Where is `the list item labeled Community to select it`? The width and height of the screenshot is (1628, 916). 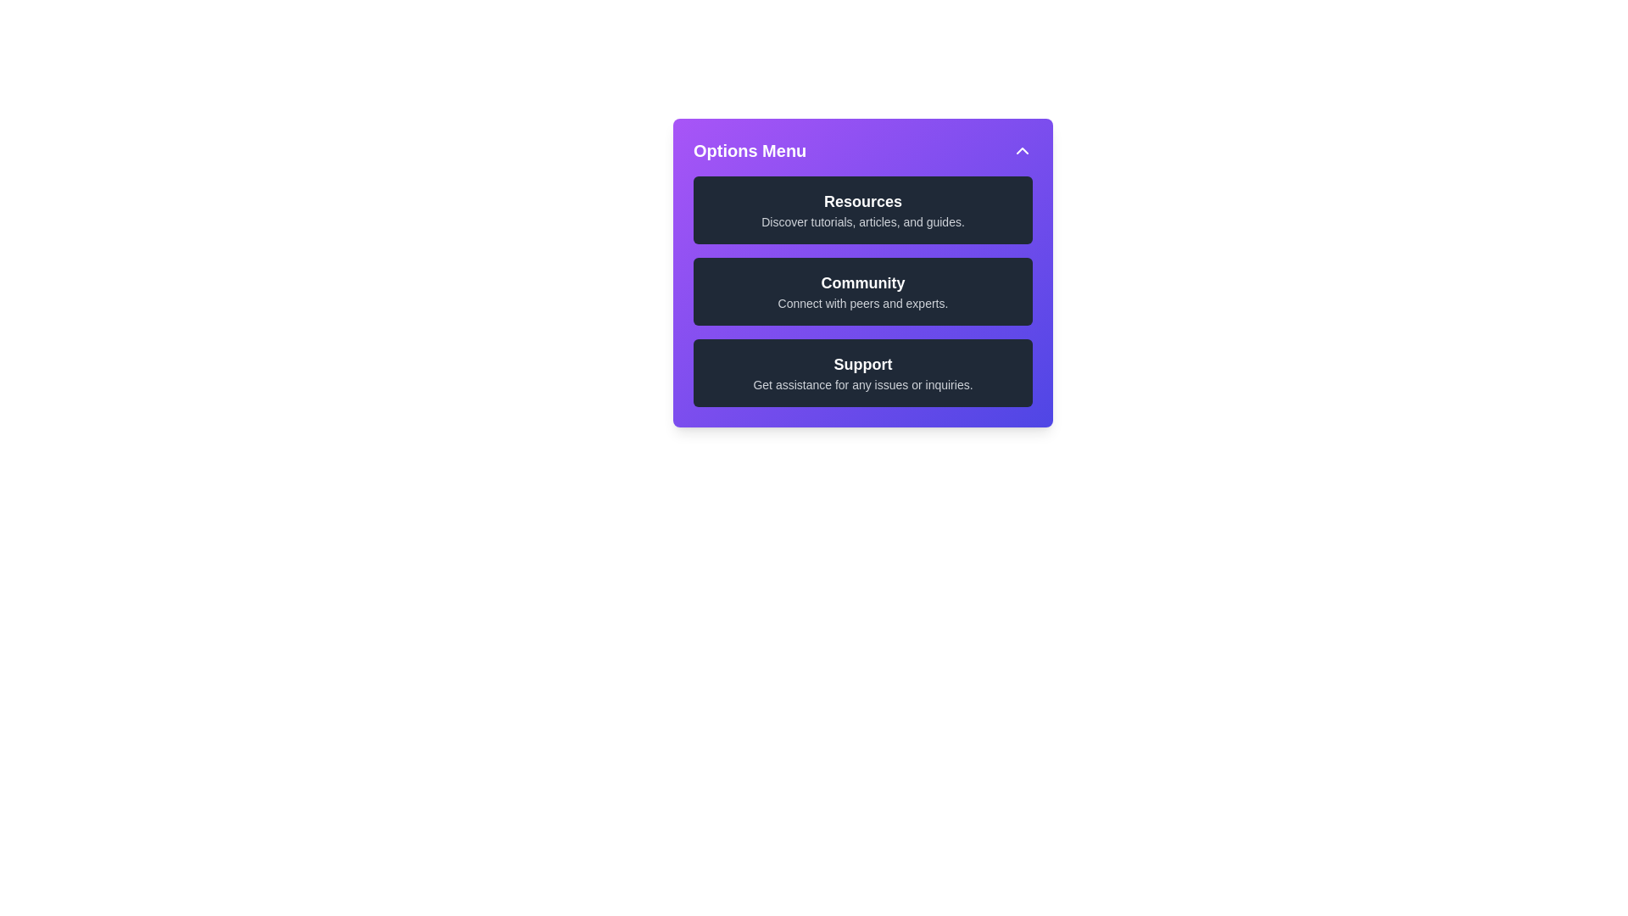 the list item labeled Community to select it is located at coordinates (862, 290).